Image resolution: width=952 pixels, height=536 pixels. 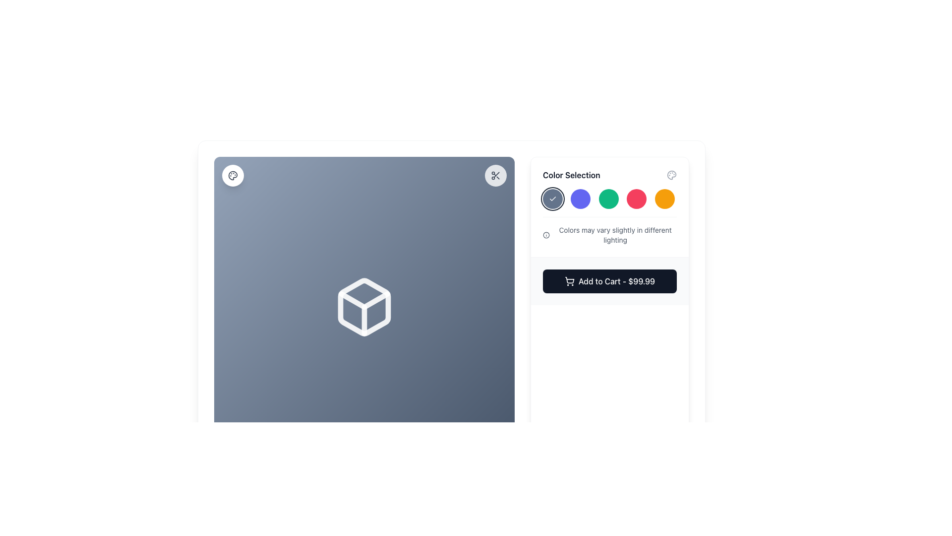 I want to click on the shopping cart icon, which is a modern, minimalistic icon rendered in white on a dark blue button labeled 'Add to Cart - $99.99'. The icon is located on the left side of the button, centrally aligned on the vertical axis, so click(x=569, y=281).